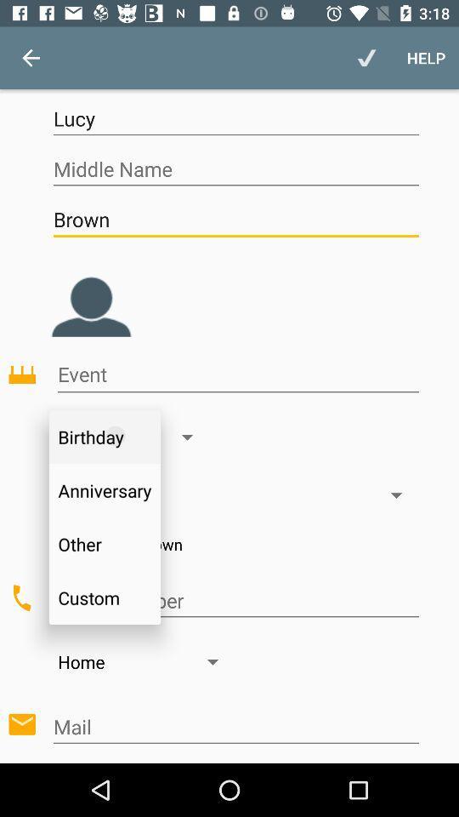  What do you see at coordinates (235, 169) in the screenshot?
I see `middle name` at bounding box center [235, 169].